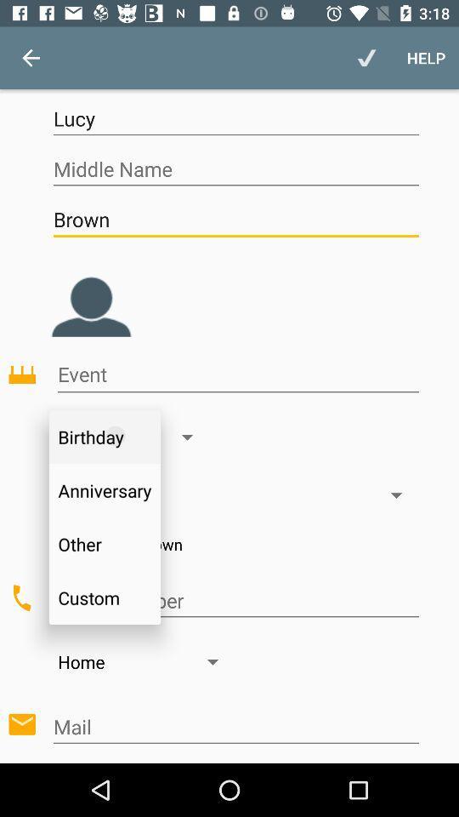  What do you see at coordinates (235, 169) in the screenshot?
I see `middle name` at bounding box center [235, 169].